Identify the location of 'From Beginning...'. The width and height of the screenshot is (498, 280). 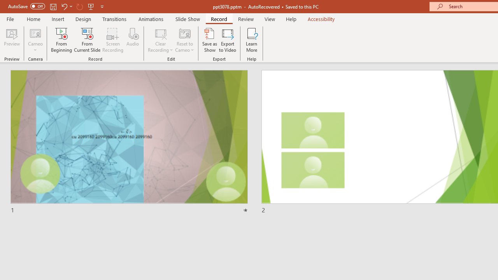
(61, 40).